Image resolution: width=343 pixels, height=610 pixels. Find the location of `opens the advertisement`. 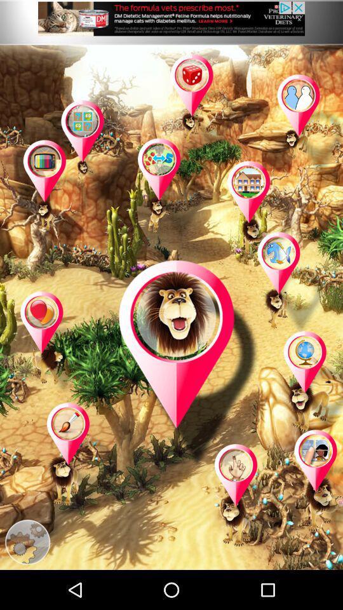

opens the advertisement is located at coordinates (171, 22).